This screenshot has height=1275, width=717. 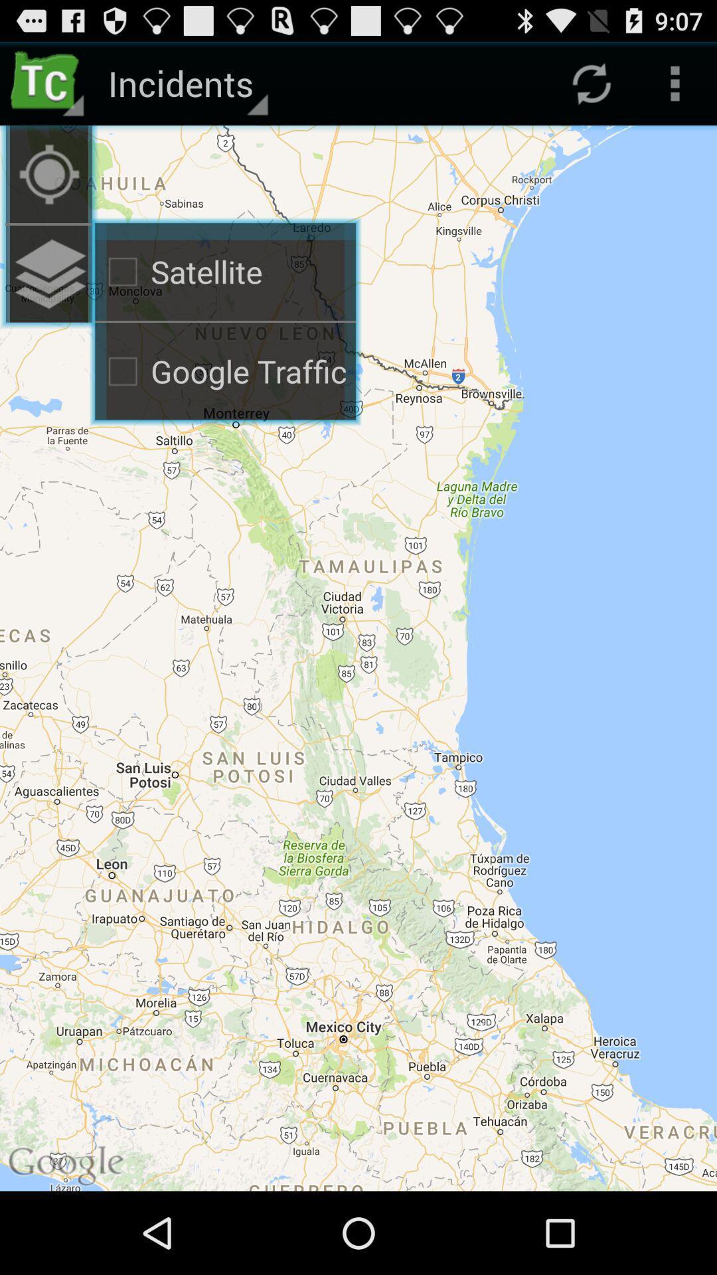 I want to click on icon to the left of the incidents, so click(x=48, y=82).